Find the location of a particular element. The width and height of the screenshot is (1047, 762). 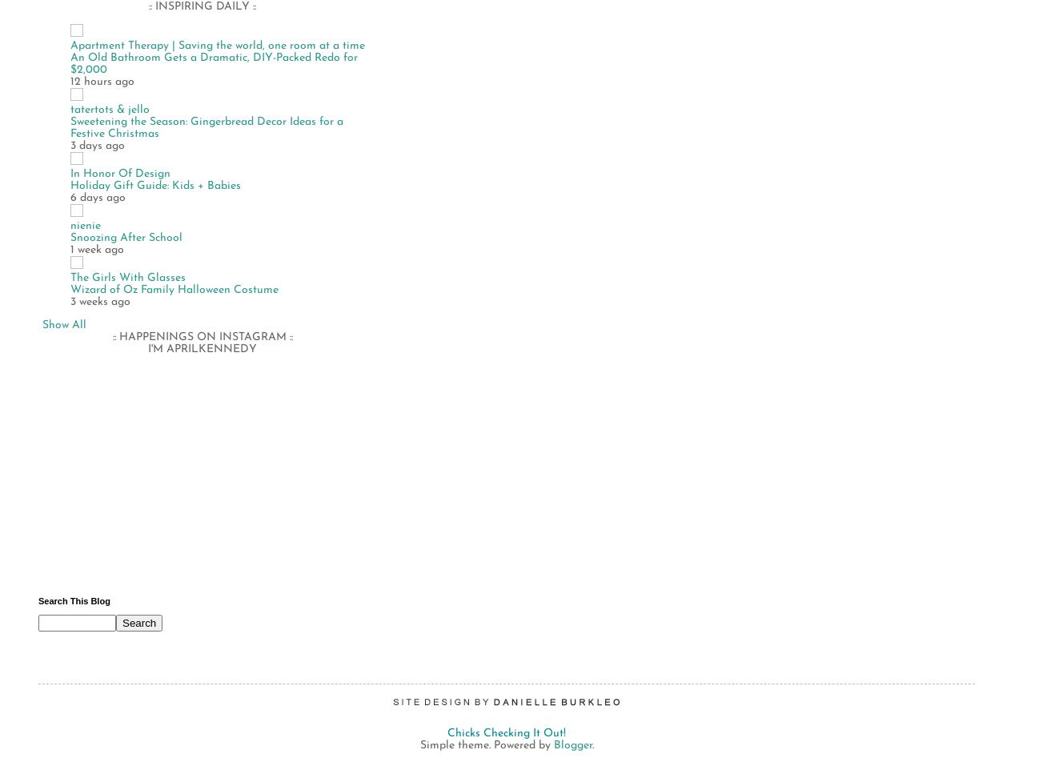

'3 days ago' is located at coordinates (97, 145).